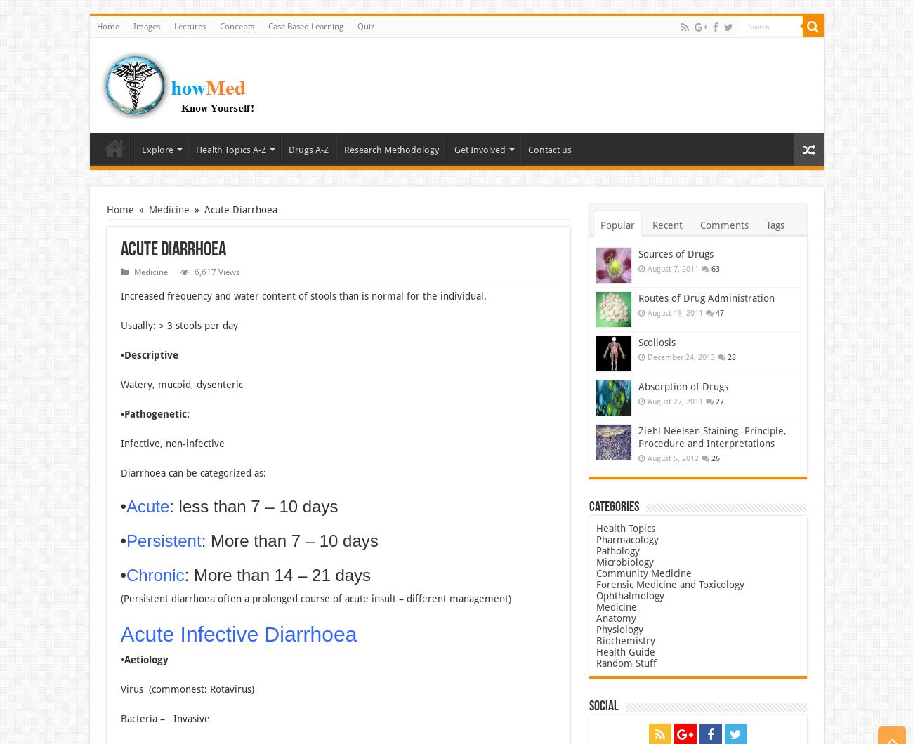 This screenshot has width=913, height=744. What do you see at coordinates (672, 458) in the screenshot?
I see `'August 5, 2012'` at bounding box center [672, 458].